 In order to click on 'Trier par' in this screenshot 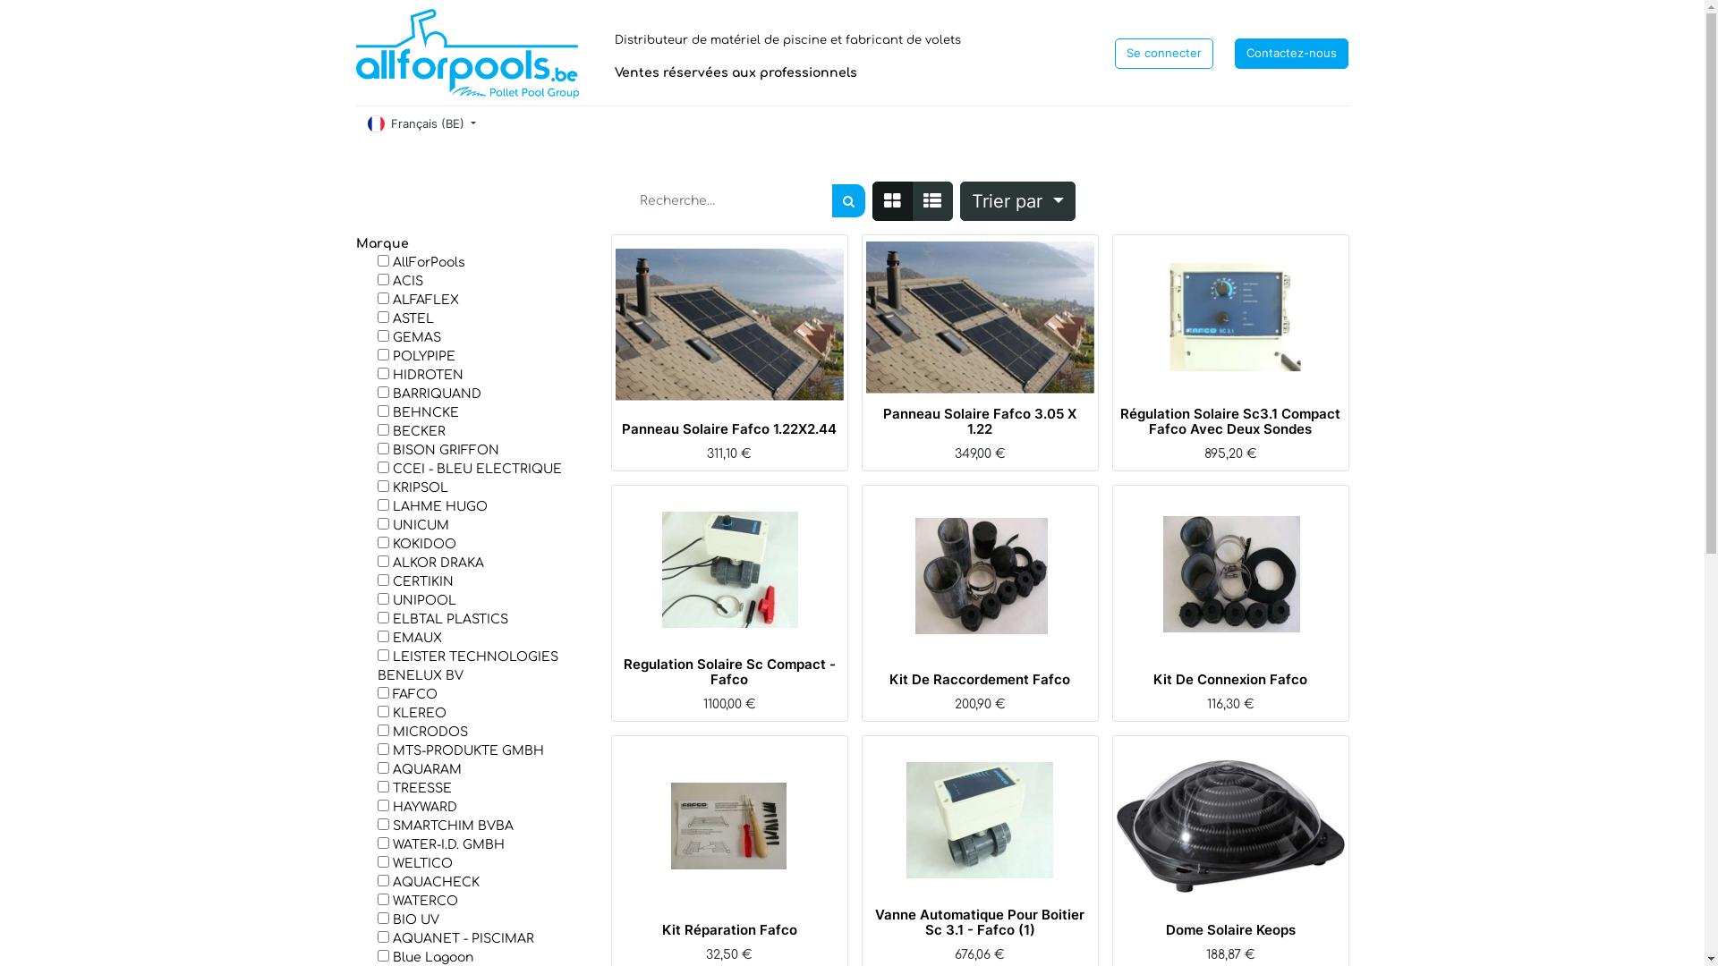, I will do `click(1017, 200)`.